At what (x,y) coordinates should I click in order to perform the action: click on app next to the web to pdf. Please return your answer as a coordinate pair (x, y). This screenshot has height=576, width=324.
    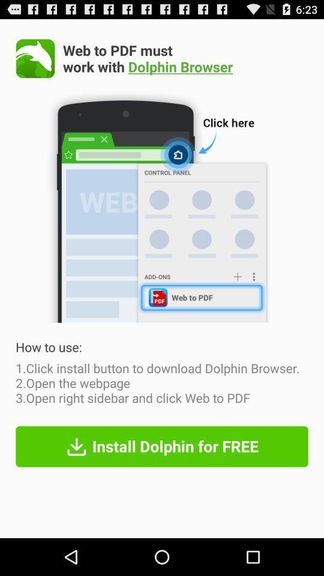
    Looking at the image, I should click on (35, 58).